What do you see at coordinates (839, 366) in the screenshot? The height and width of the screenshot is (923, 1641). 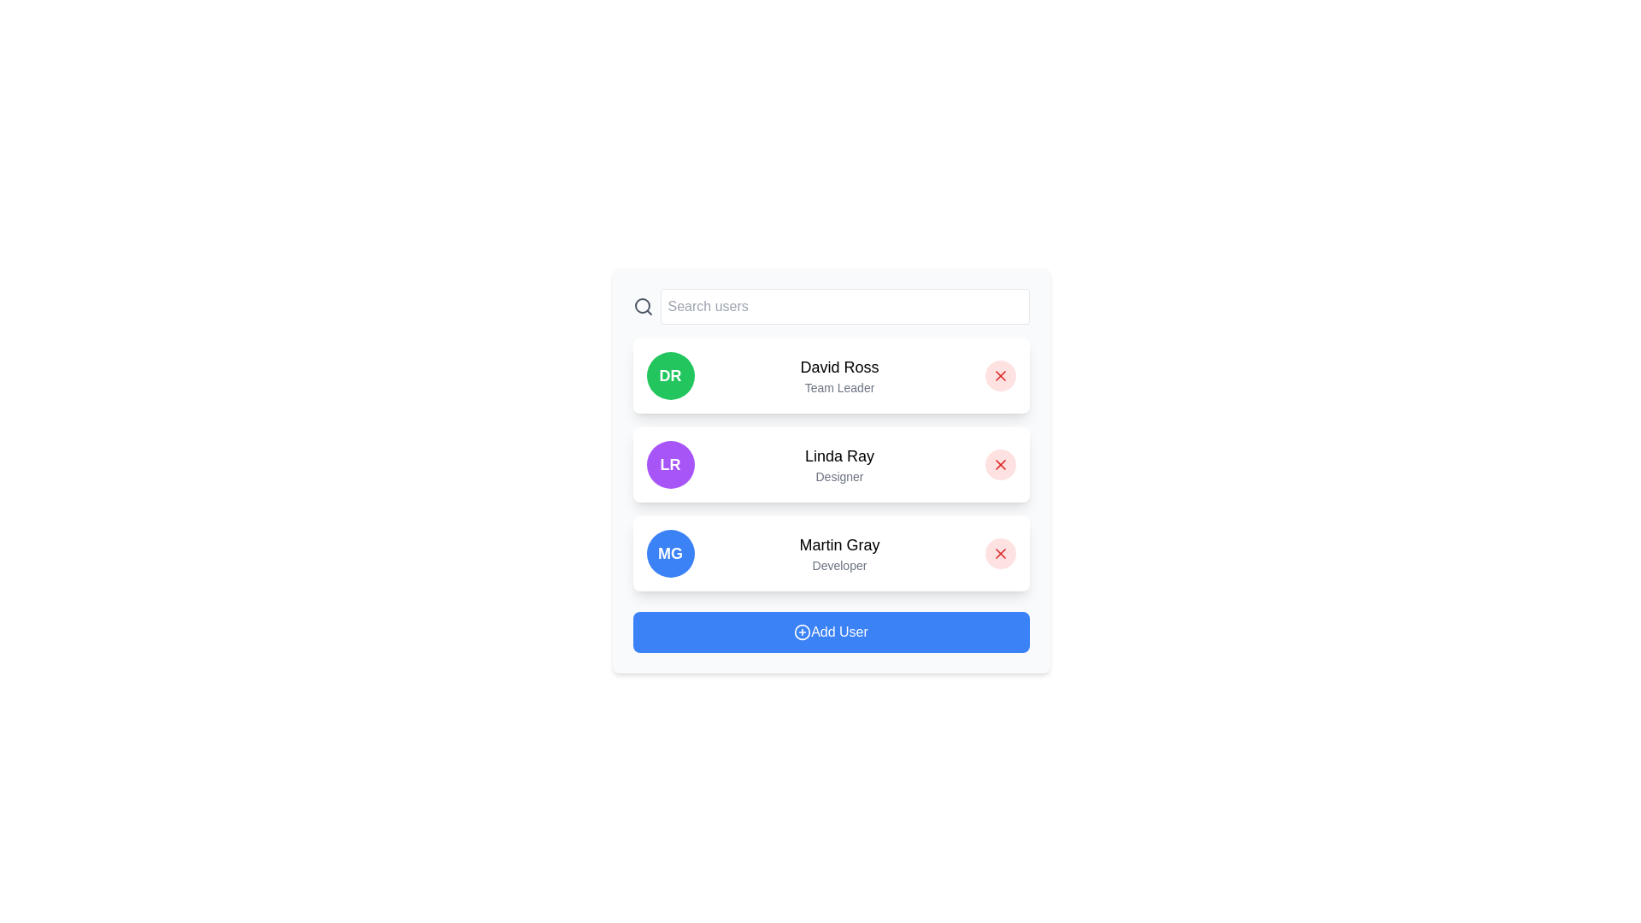 I see `text content of the Text Label displaying 'David Ross', which is located above the smaller text 'Team Leader' in a list of user cards` at bounding box center [839, 366].